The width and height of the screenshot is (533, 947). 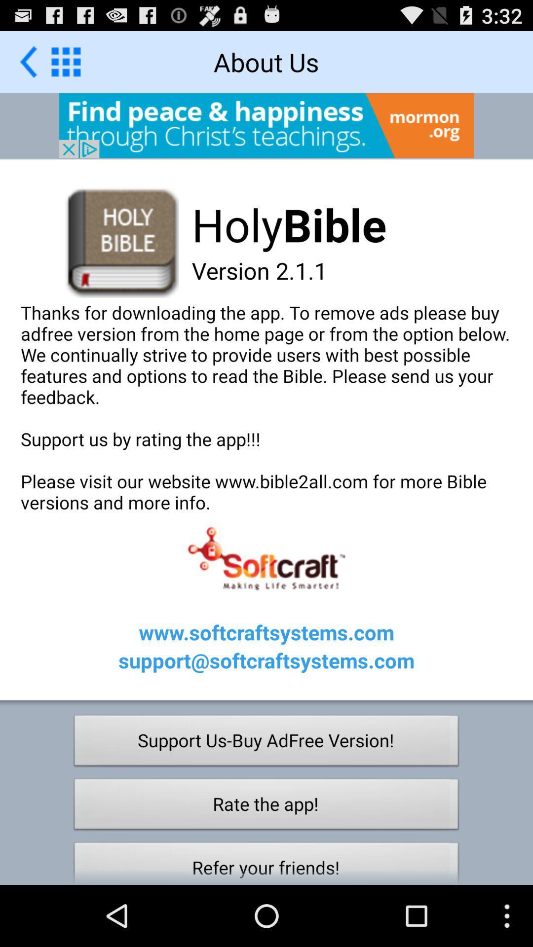 I want to click on go back, so click(x=66, y=61).